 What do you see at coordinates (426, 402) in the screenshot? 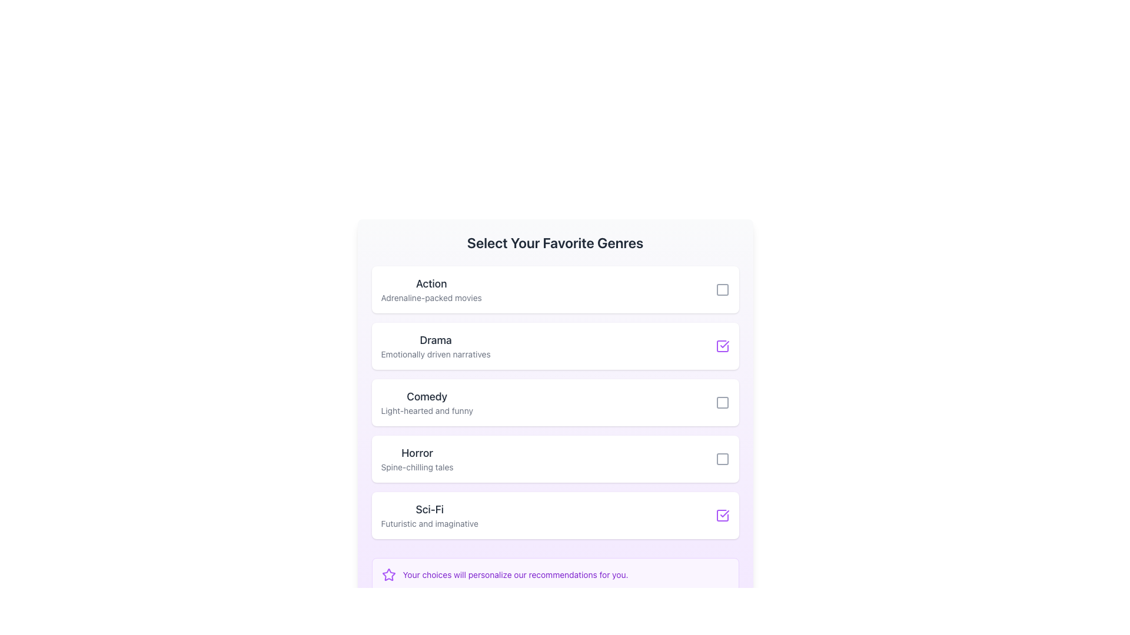
I see `the 'Comedy' genre label, which is the third item in a vertically stacked list on a card, positioned below 'Drama' and above 'Horror'` at bounding box center [426, 402].